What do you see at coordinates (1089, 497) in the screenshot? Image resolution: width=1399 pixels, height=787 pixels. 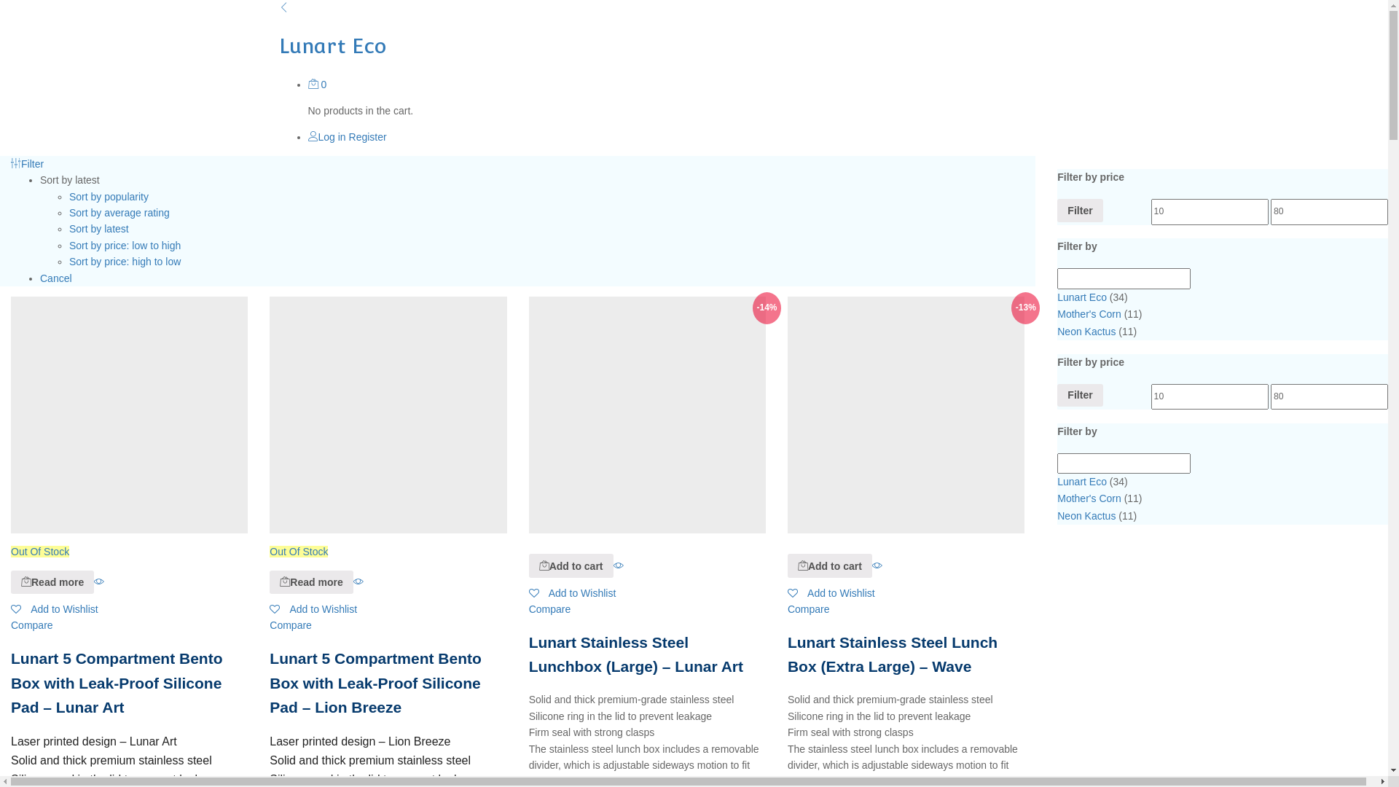 I see `'Mother's Corn'` at bounding box center [1089, 497].